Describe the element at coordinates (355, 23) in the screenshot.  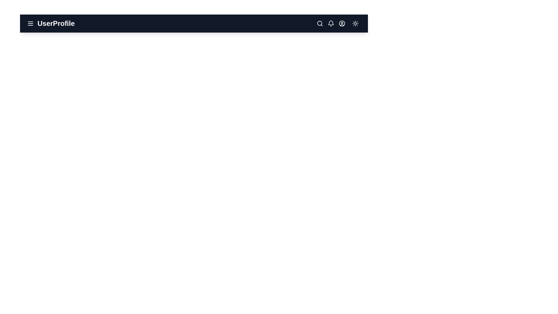
I see `the sun/moon icon to toggle between dark and light modes` at that location.